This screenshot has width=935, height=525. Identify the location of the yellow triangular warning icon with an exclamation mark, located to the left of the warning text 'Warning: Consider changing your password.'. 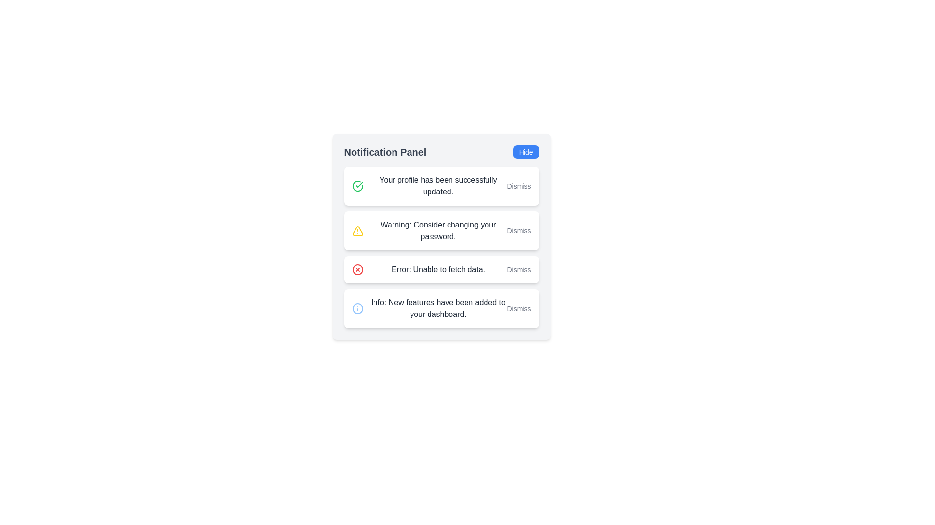
(357, 230).